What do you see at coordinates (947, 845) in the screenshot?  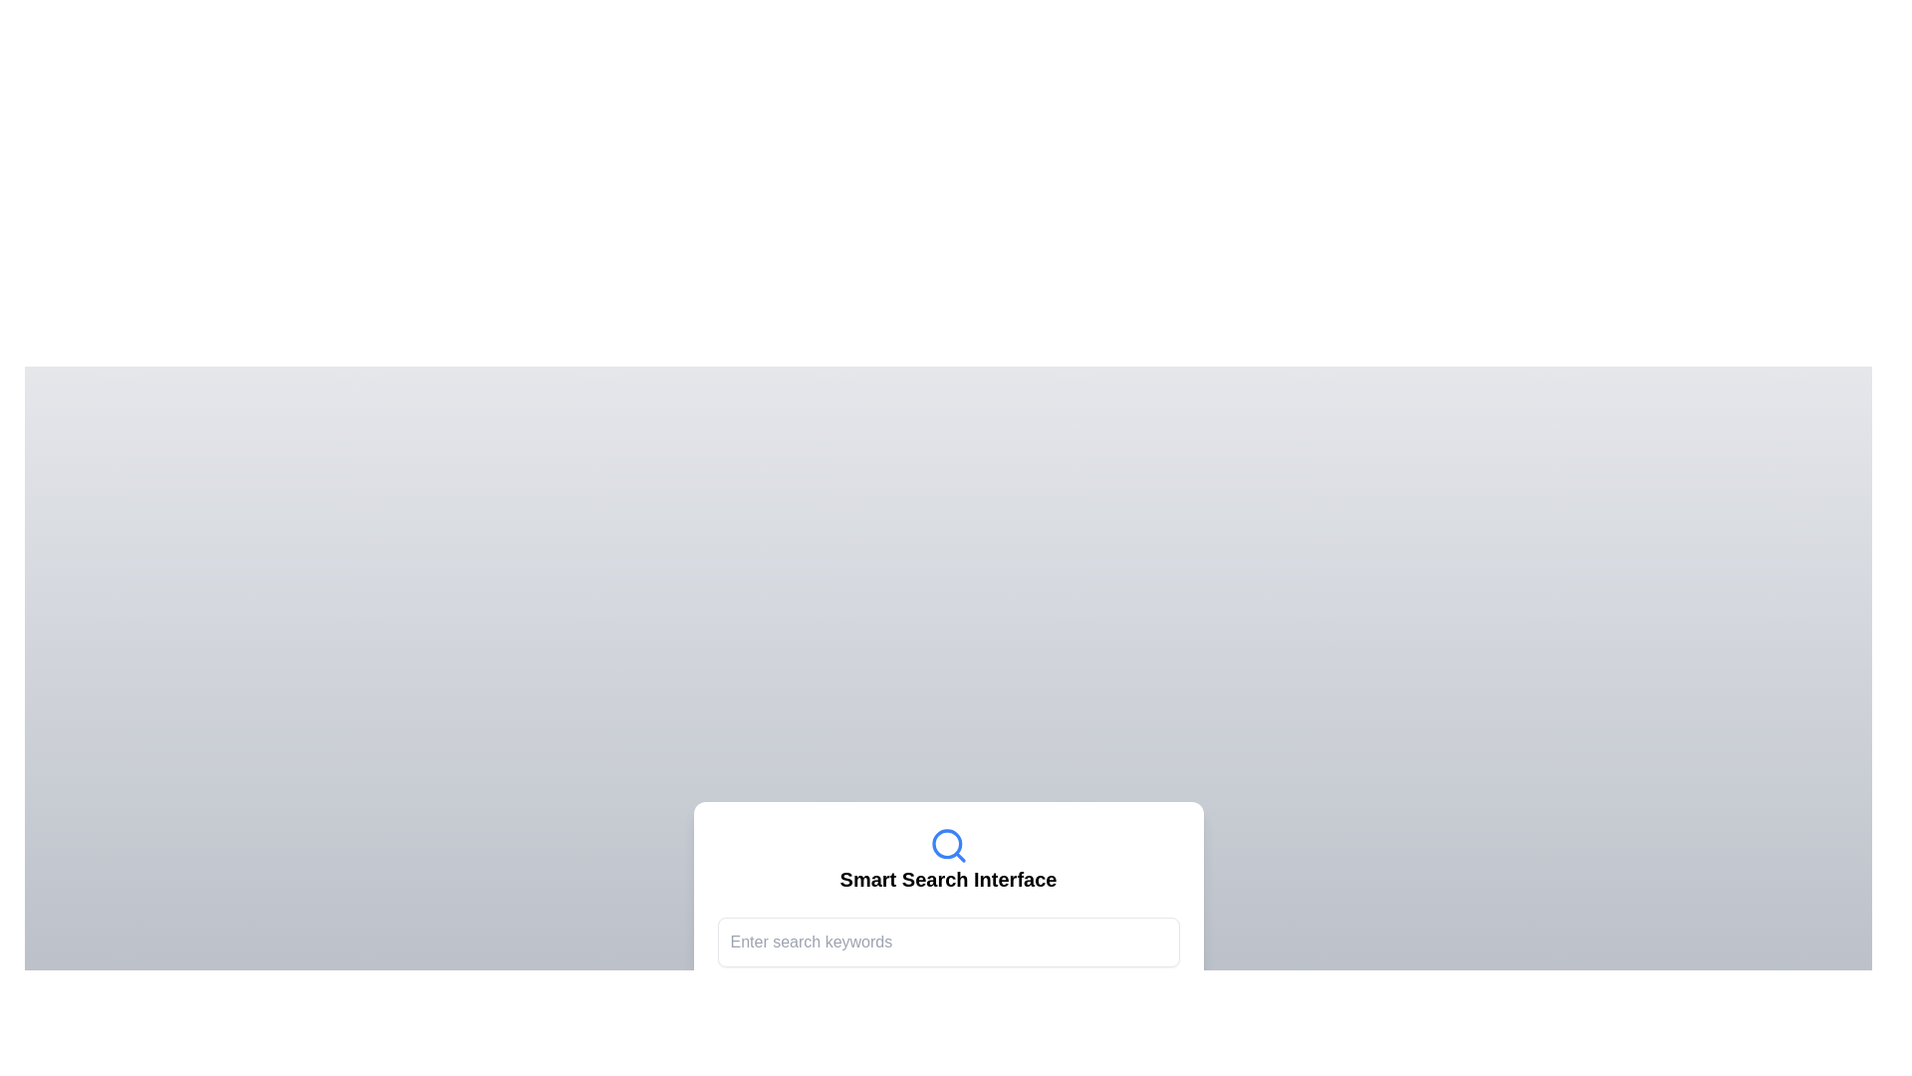 I see `the search icon that represents the search functionality, located above the 'Smart Search Interface' label` at bounding box center [947, 845].